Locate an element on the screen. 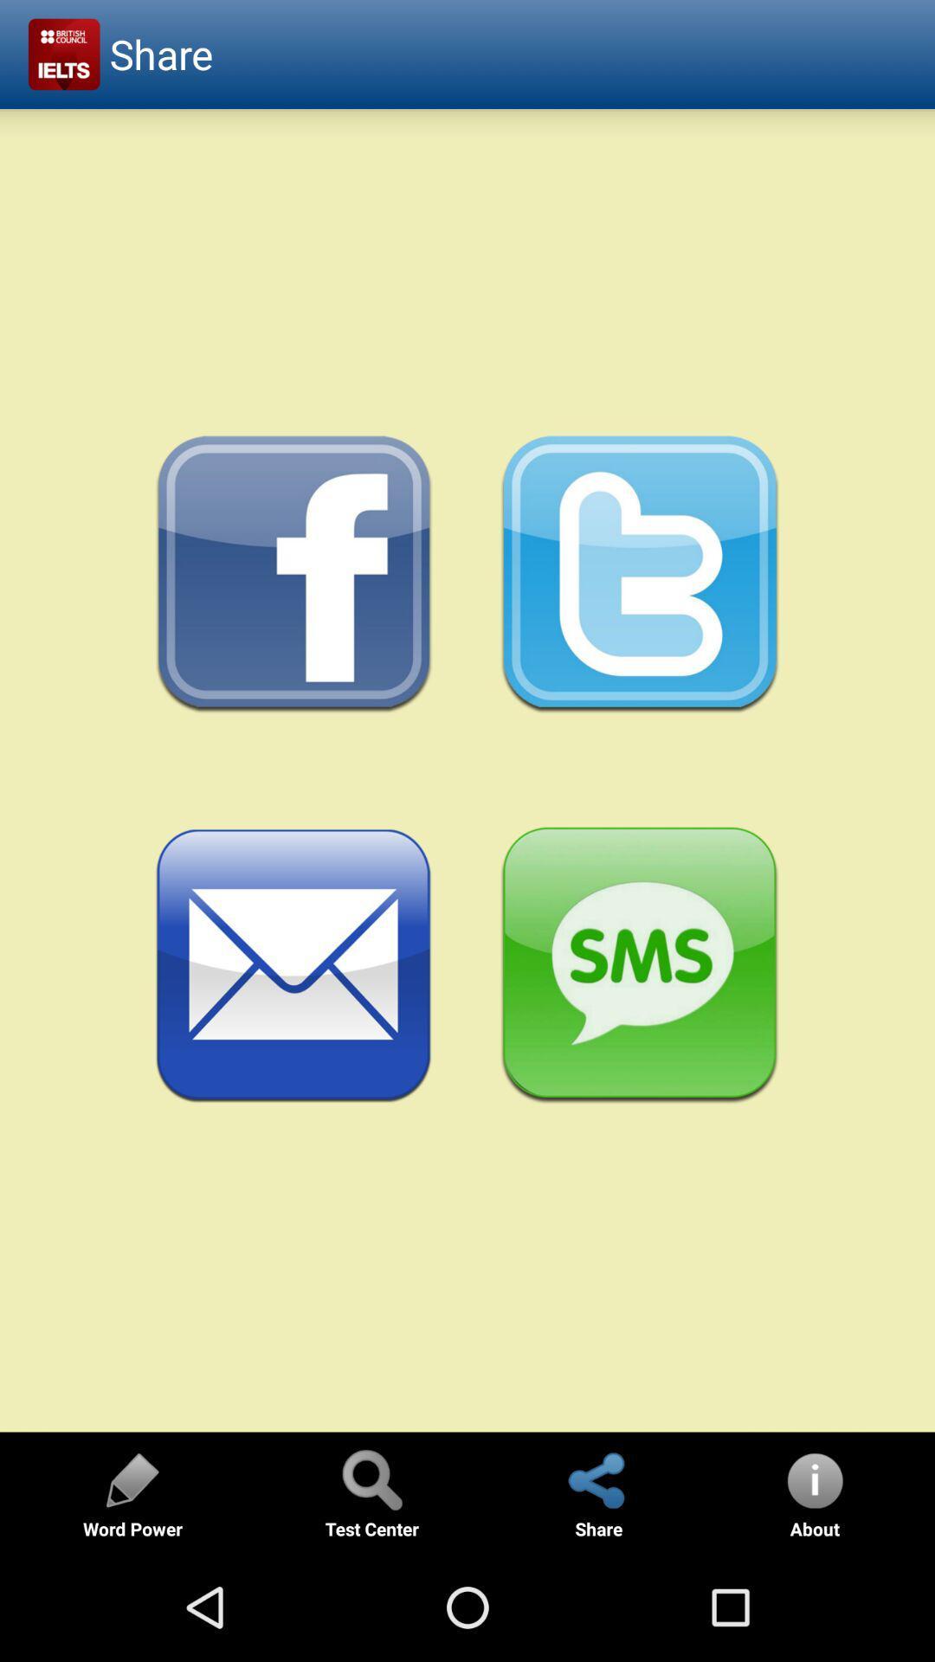 Image resolution: width=935 pixels, height=1662 pixels. search for help is located at coordinates (371, 1478).